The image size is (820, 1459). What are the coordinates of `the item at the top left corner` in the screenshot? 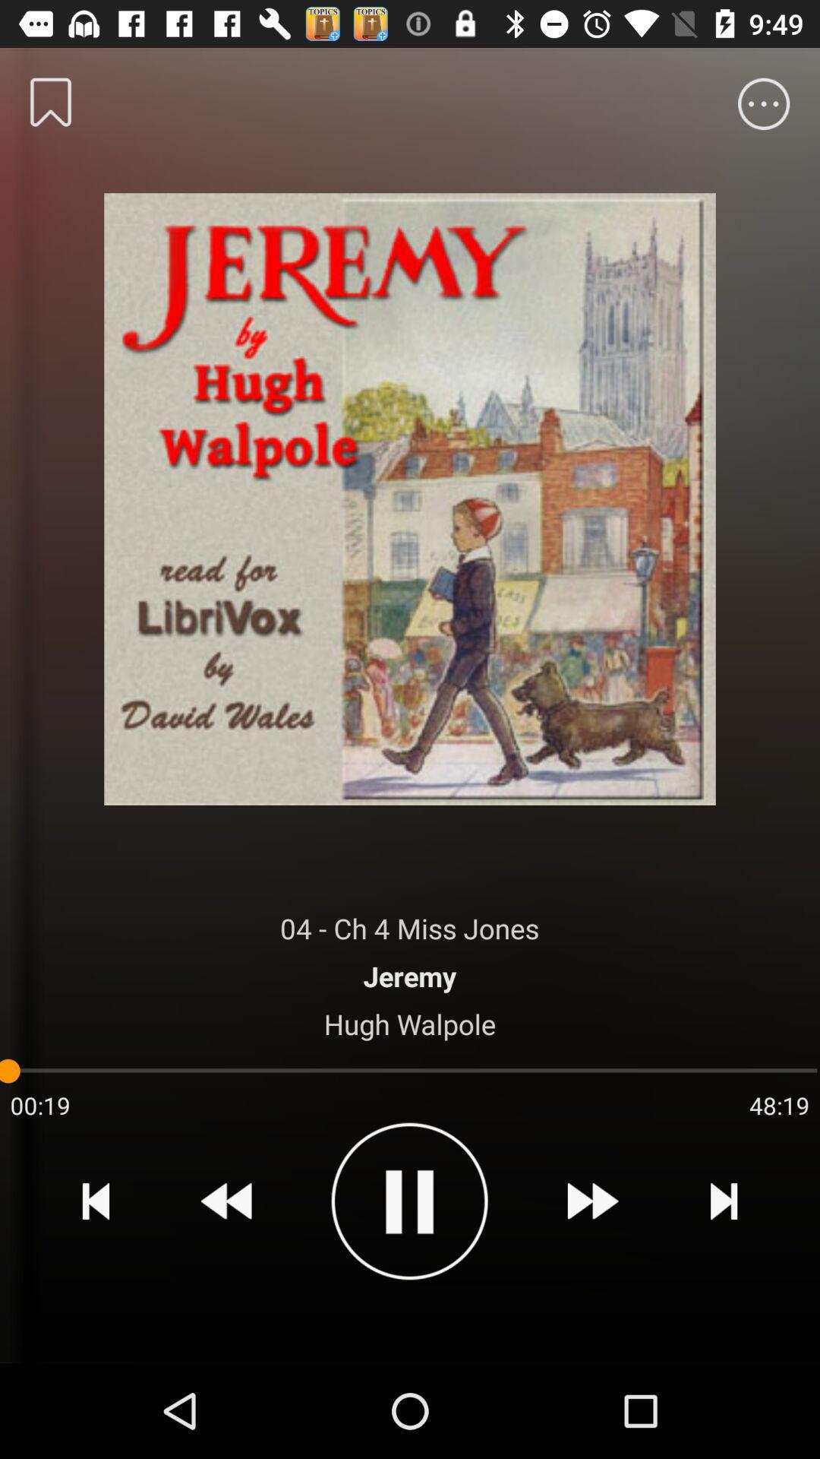 It's located at (50, 101).